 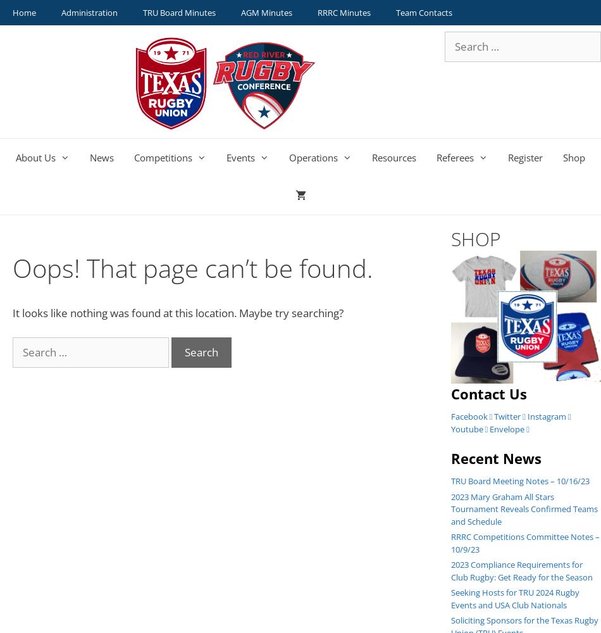 I want to click on 'It looks like nothing was found at this location. Maybe try searching?', so click(x=177, y=312).